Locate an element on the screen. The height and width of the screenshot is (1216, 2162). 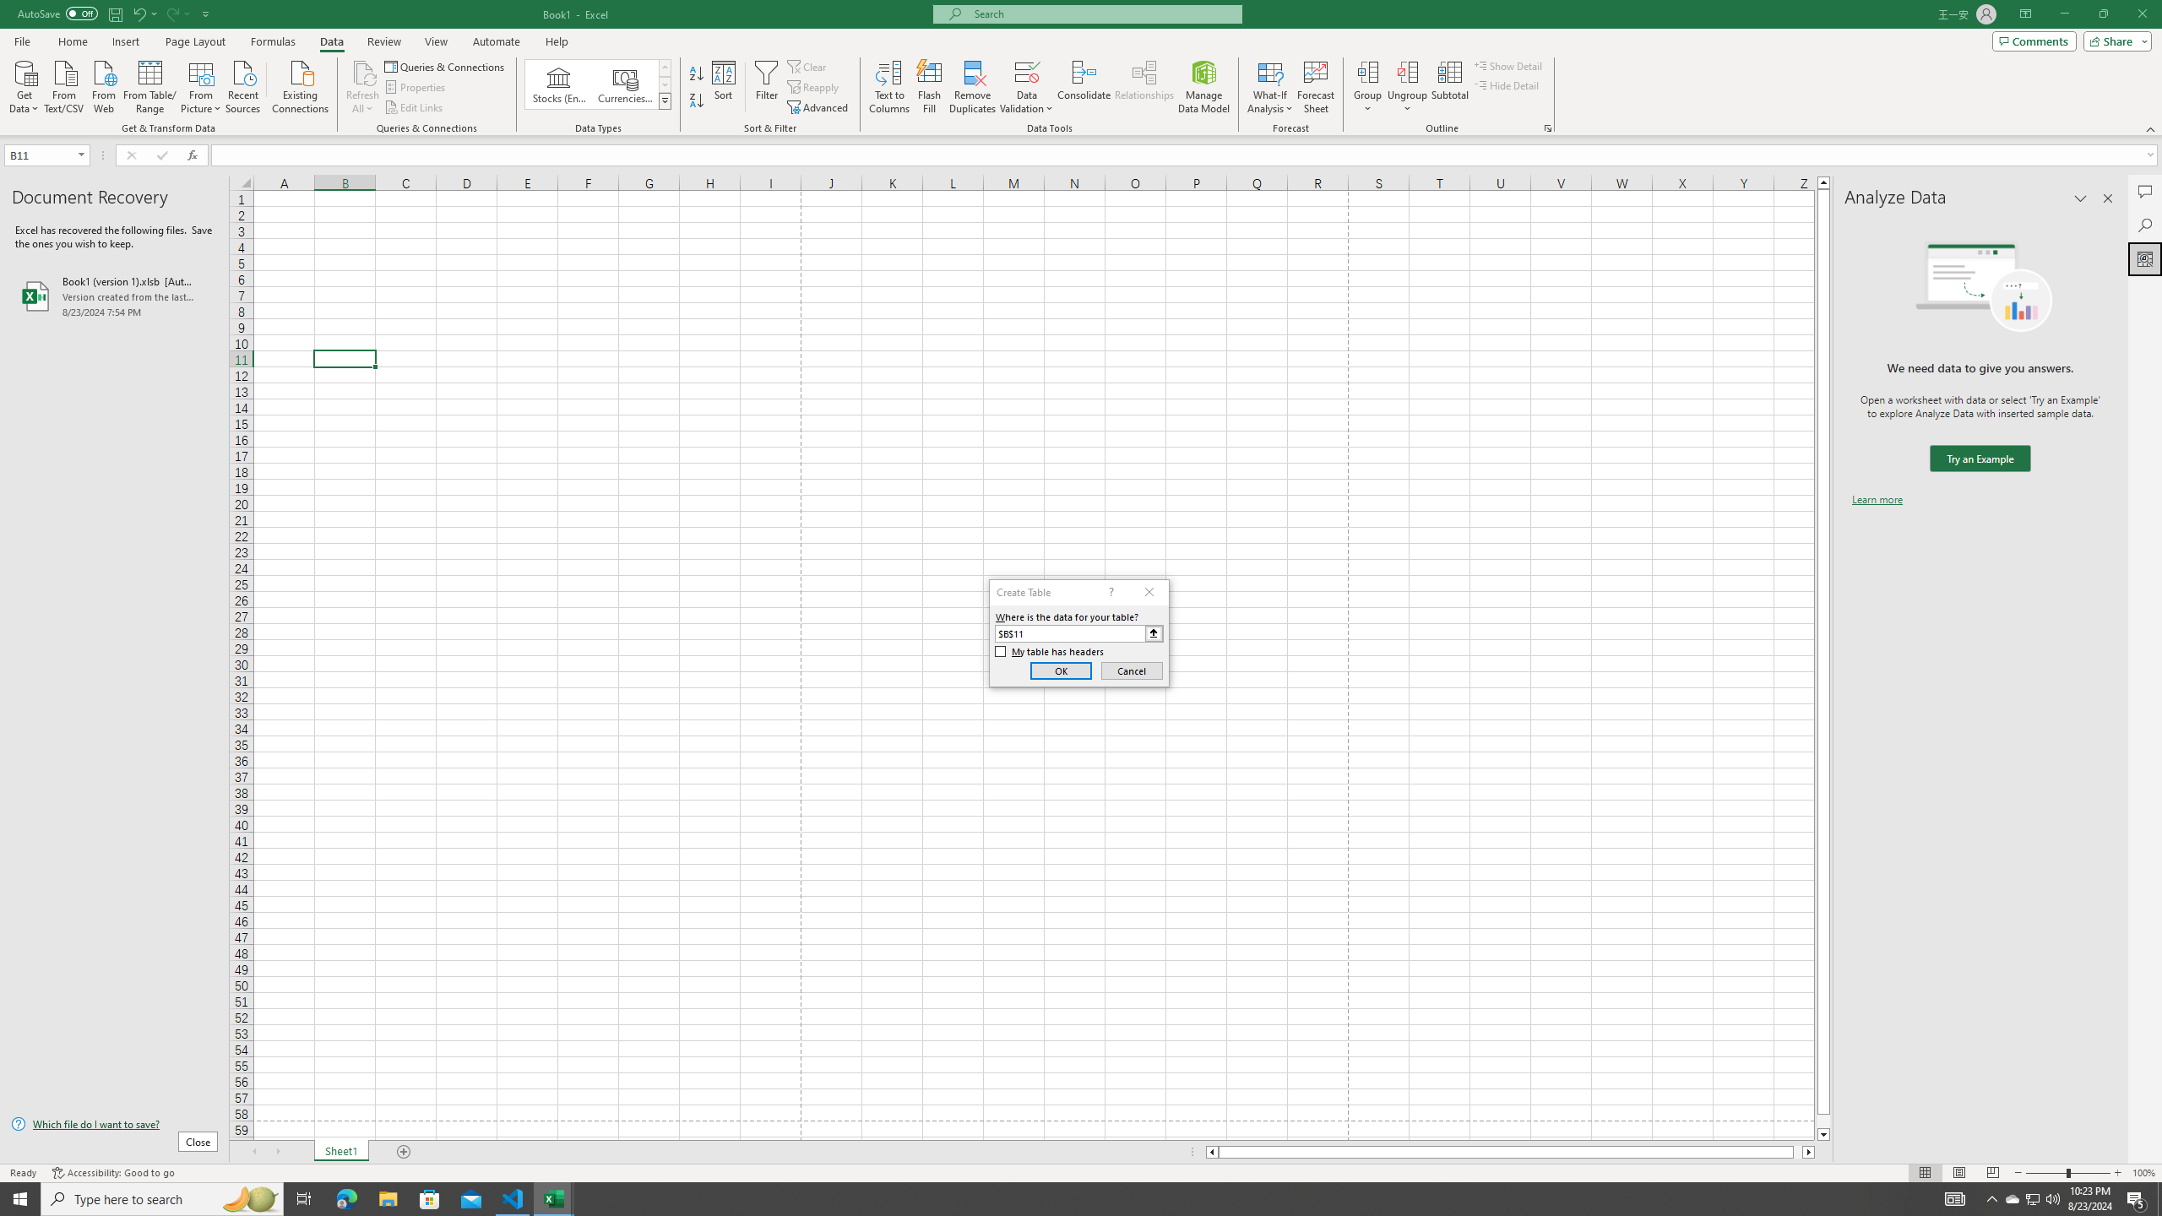
'Currencies (English)' is located at coordinates (623, 84).